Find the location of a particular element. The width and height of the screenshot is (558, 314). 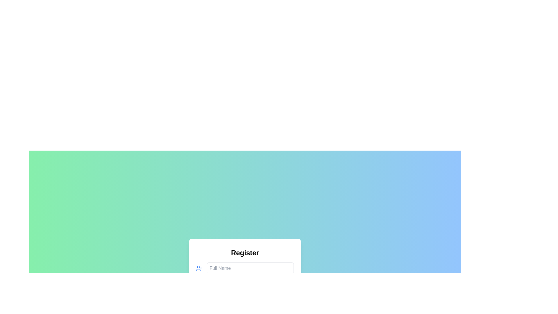

the bold 'Register' header text element, which is prominently displayed at the top of the form-like layout is located at coordinates (245, 253).